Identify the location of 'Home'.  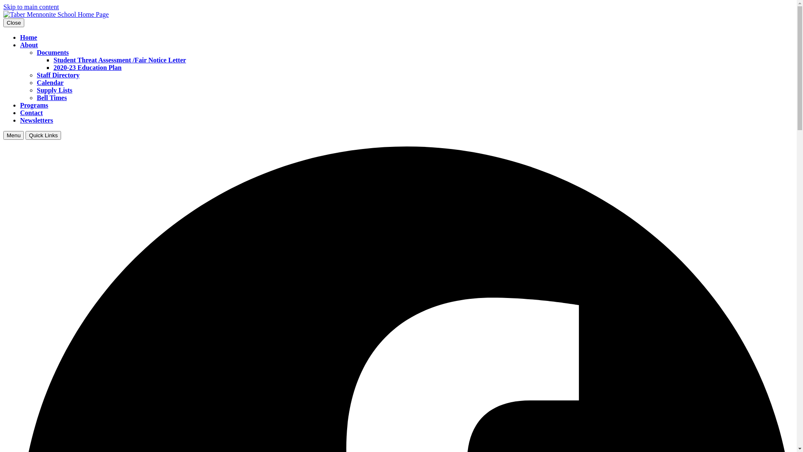
(28, 37).